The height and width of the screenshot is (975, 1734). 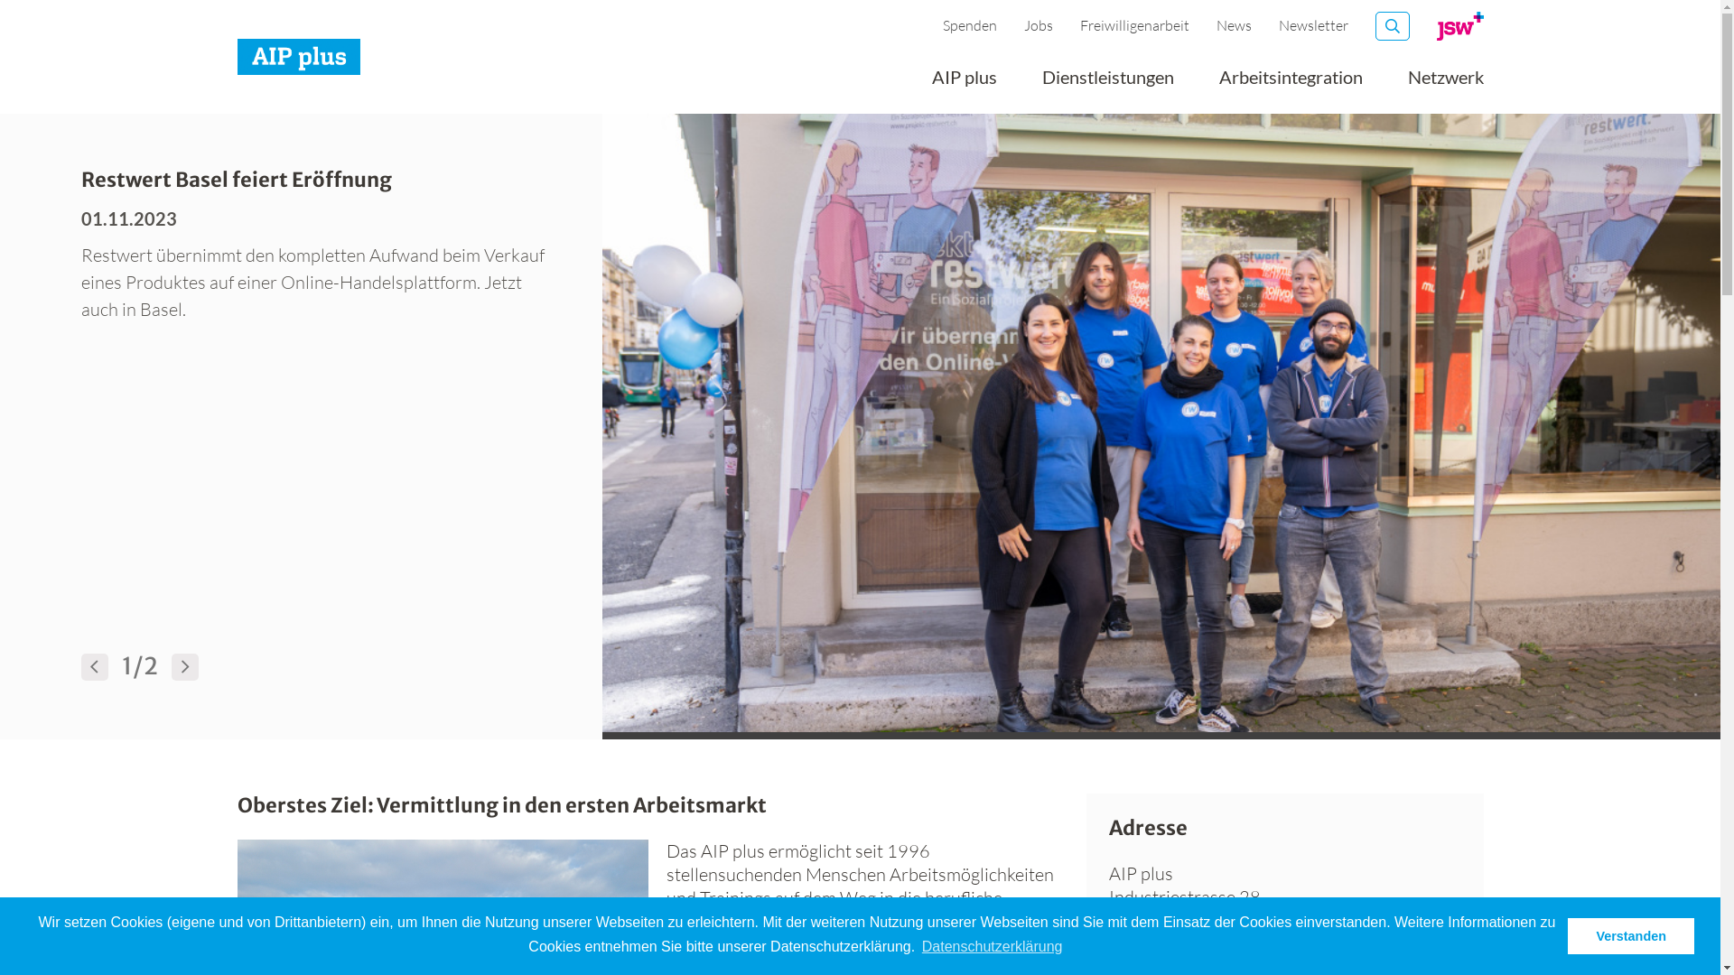 What do you see at coordinates (1233, 24) in the screenshot?
I see `'News'` at bounding box center [1233, 24].